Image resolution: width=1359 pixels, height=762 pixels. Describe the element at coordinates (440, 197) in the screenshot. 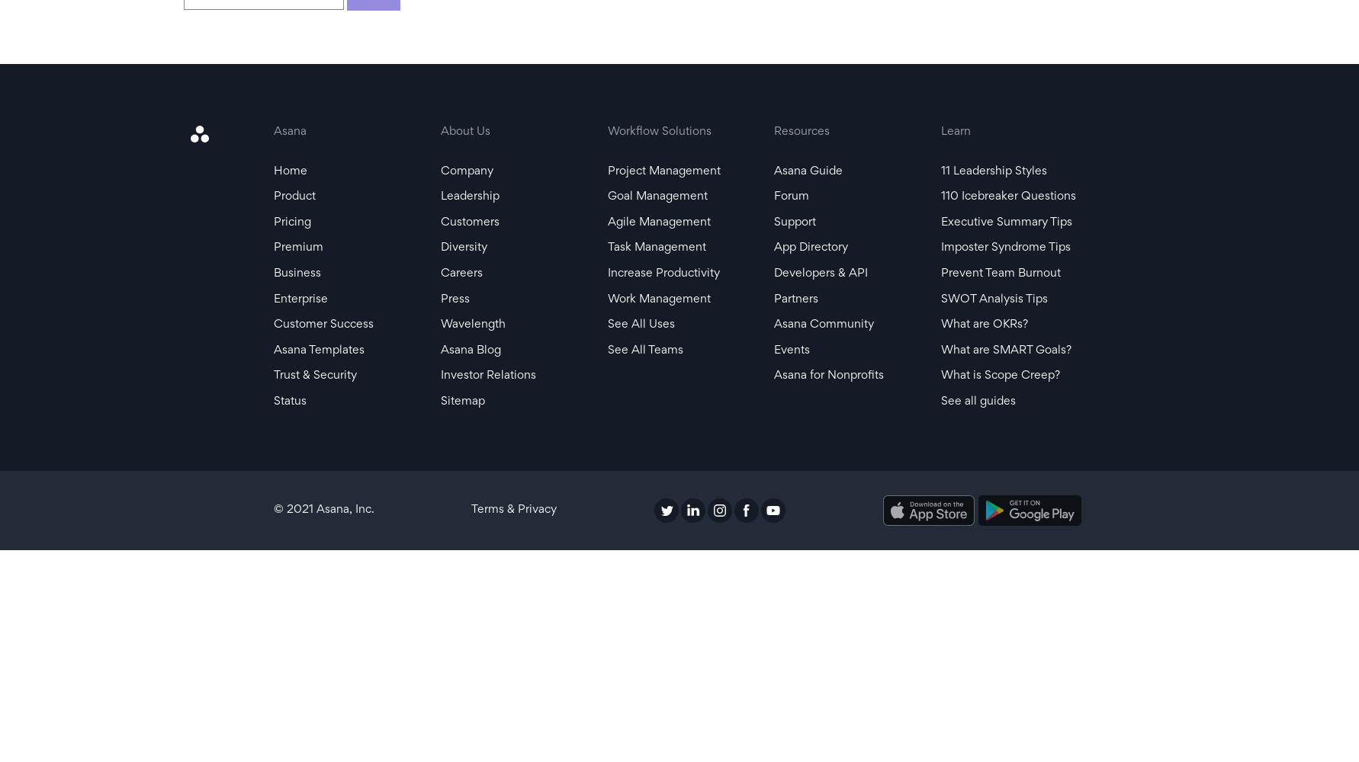

I see `'Leadership'` at that location.